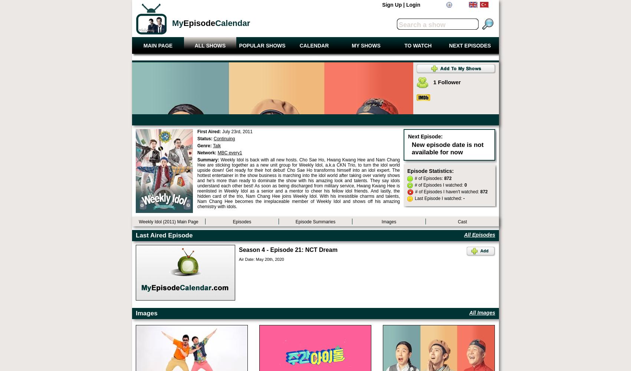 The width and height of the screenshot is (631, 371). Describe the element at coordinates (261, 259) in the screenshot. I see `'Air Date: May 20th, 2020'` at that location.